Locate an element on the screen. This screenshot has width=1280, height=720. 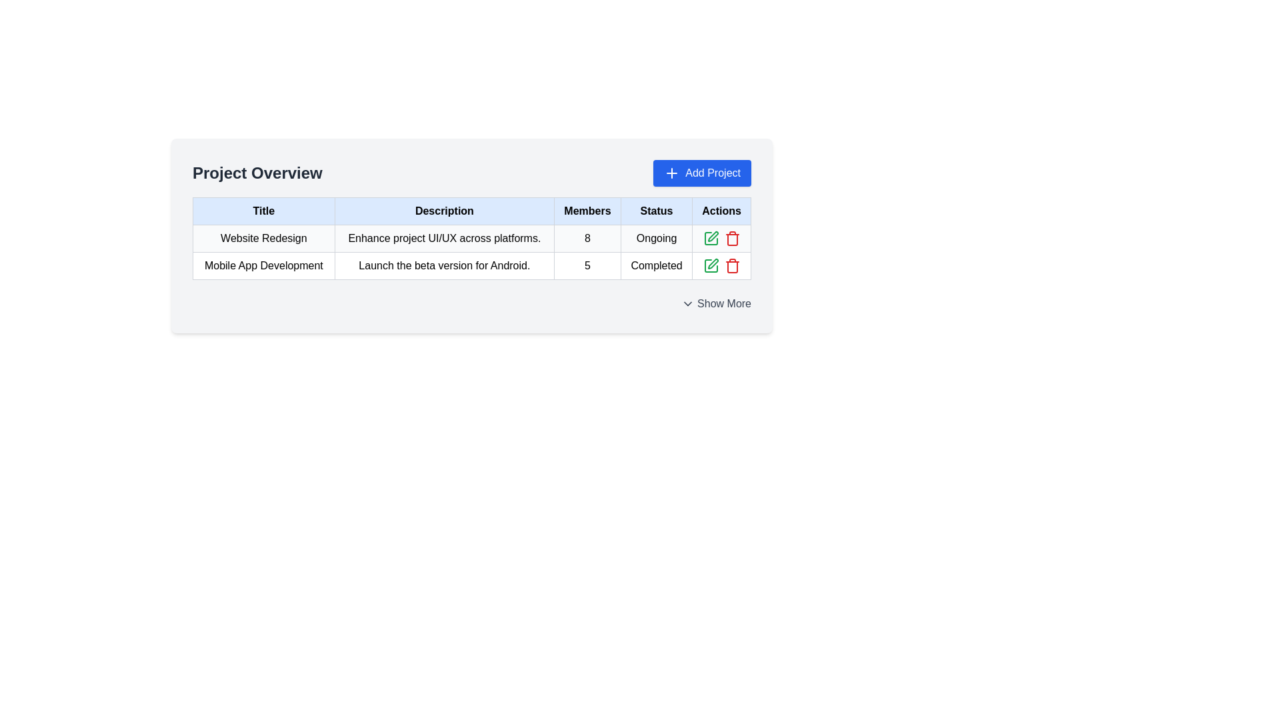
the Static Text Label displaying 'Mobile App Development' in the Project Overview section, located in the second row under the Title column is located at coordinates (263, 265).